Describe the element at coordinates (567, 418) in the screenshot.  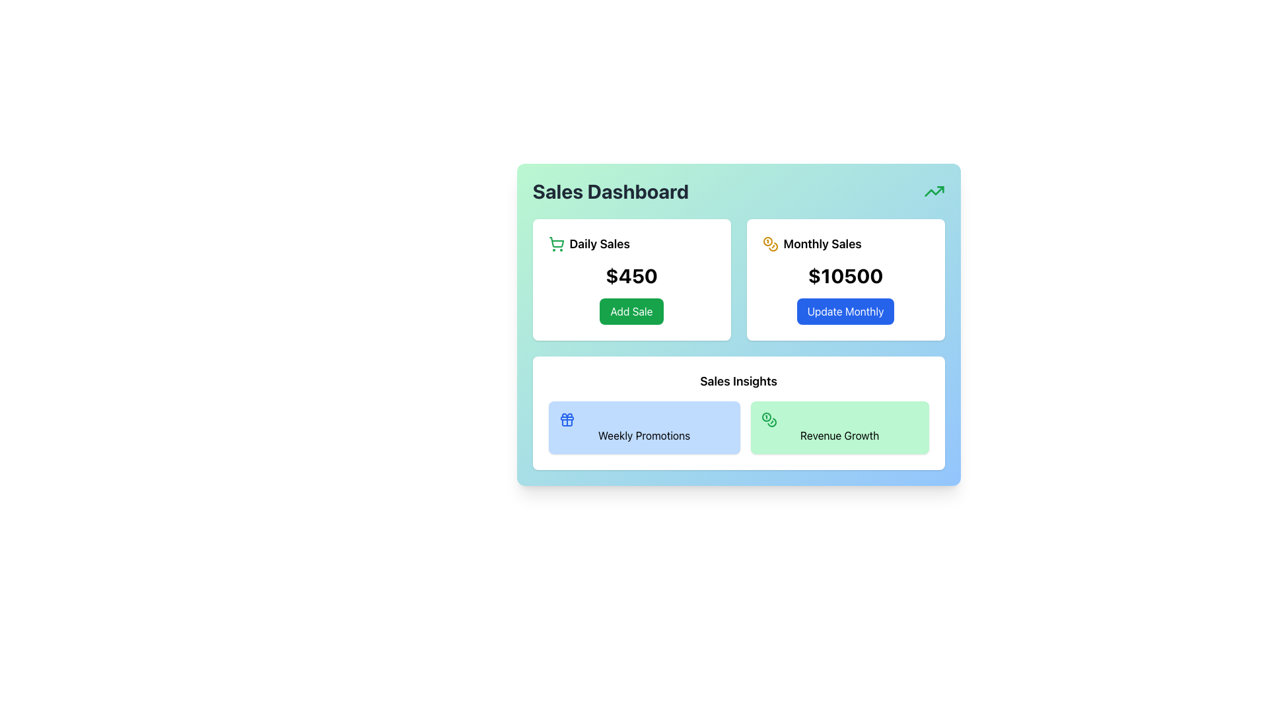
I see `the narrow horizontal rectangle with rounded corners that serves as a decorative line in the gift box icon located in the 'Weekly Promotions' card under 'Sales Insights' on the dashboard` at that location.